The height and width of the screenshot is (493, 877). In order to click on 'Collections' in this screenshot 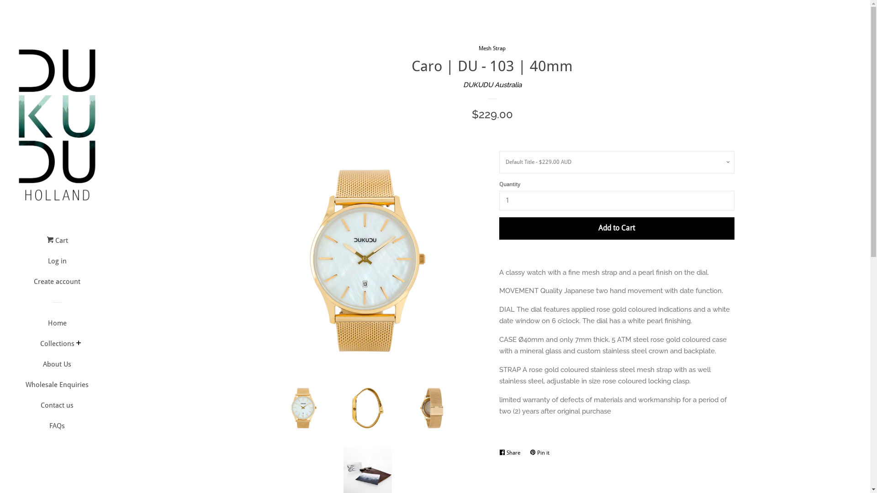, I will do `click(57, 347)`.